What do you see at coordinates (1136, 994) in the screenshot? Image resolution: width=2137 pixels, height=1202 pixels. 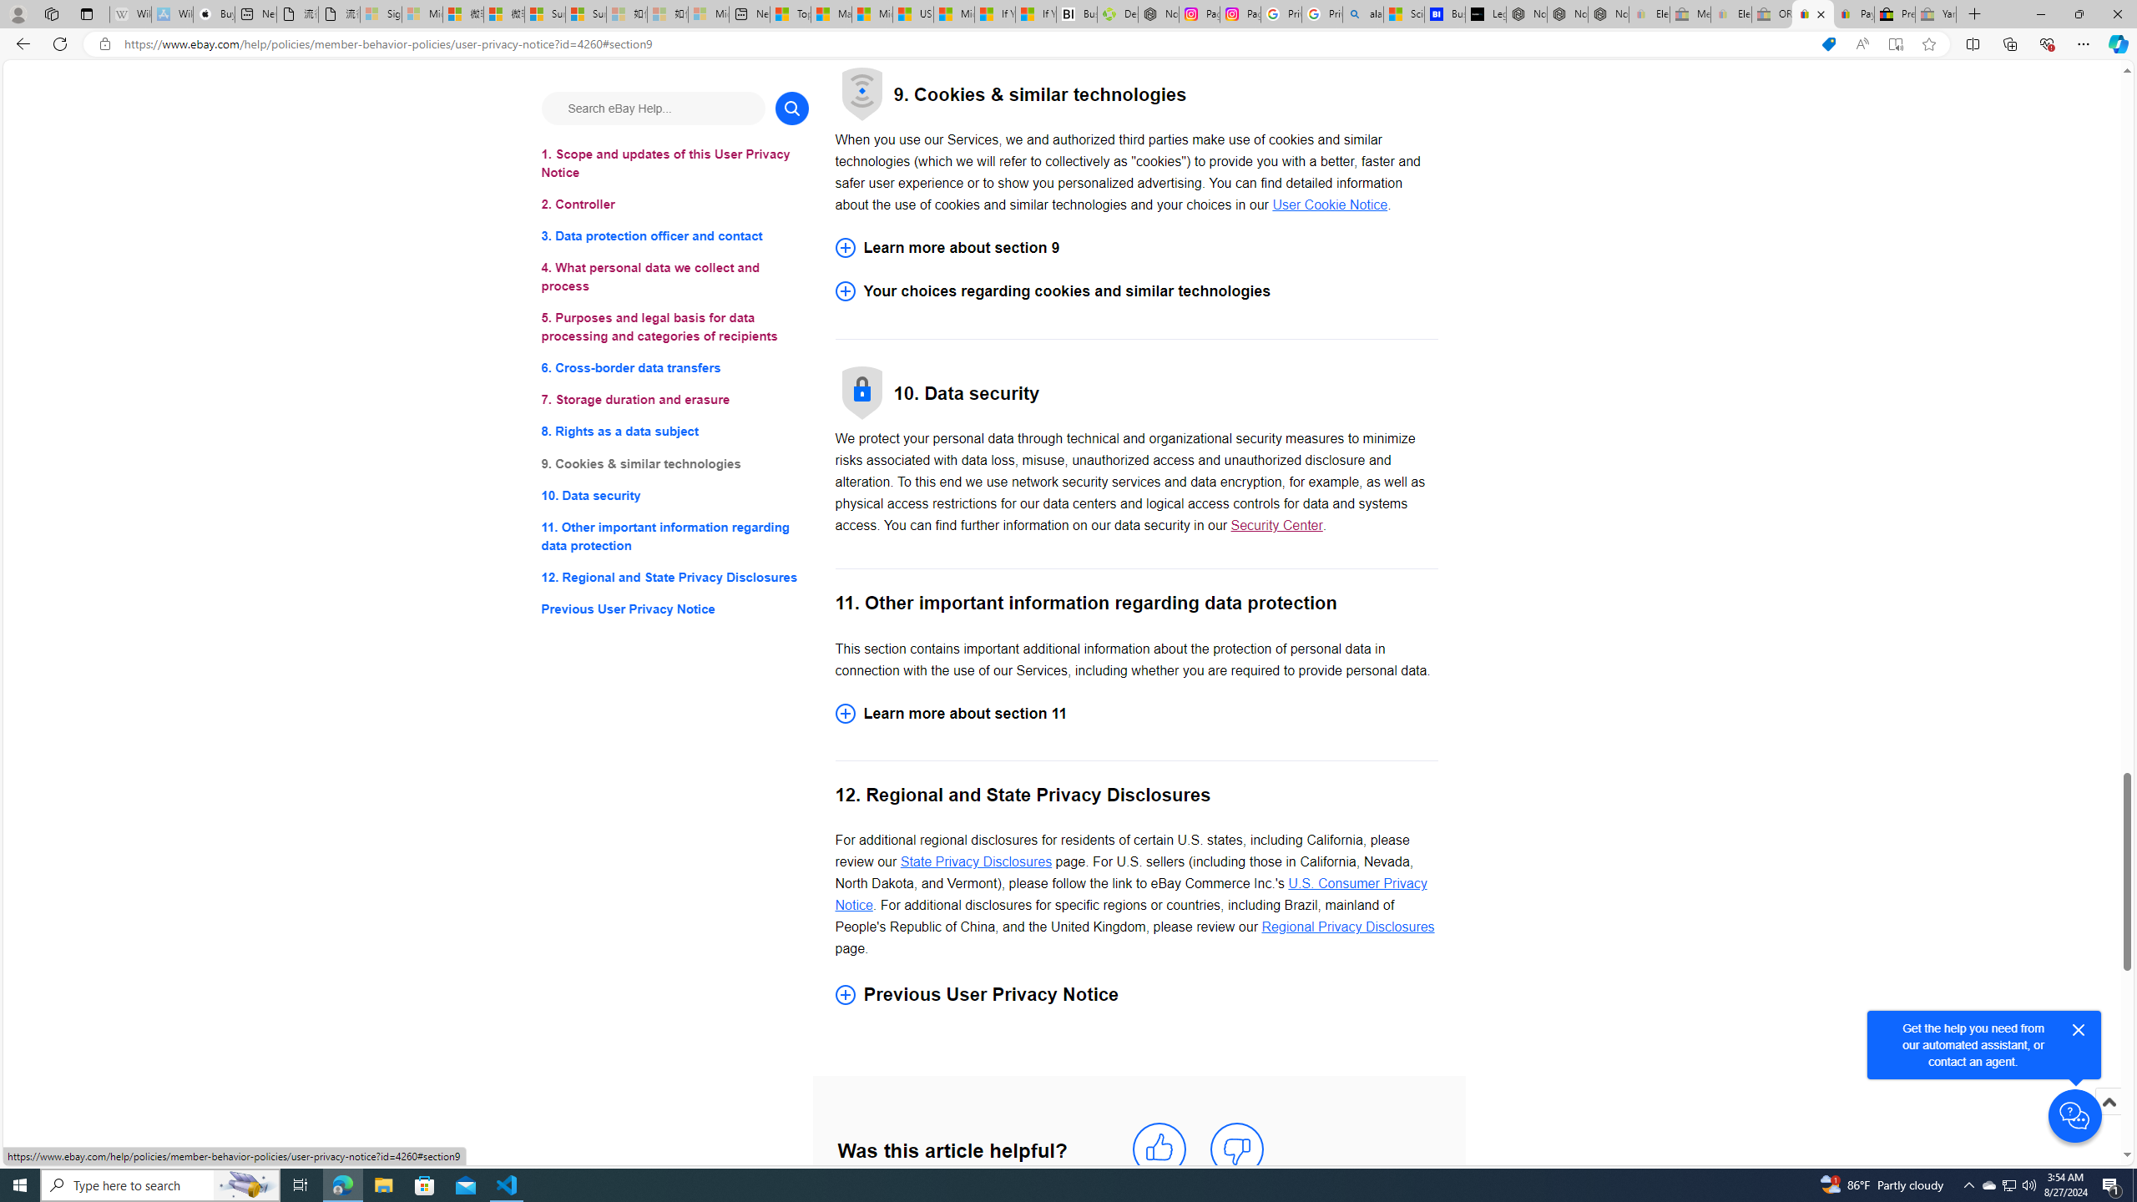 I see `'Previous User Privacy Notice'` at bounding box center [1136, 994].